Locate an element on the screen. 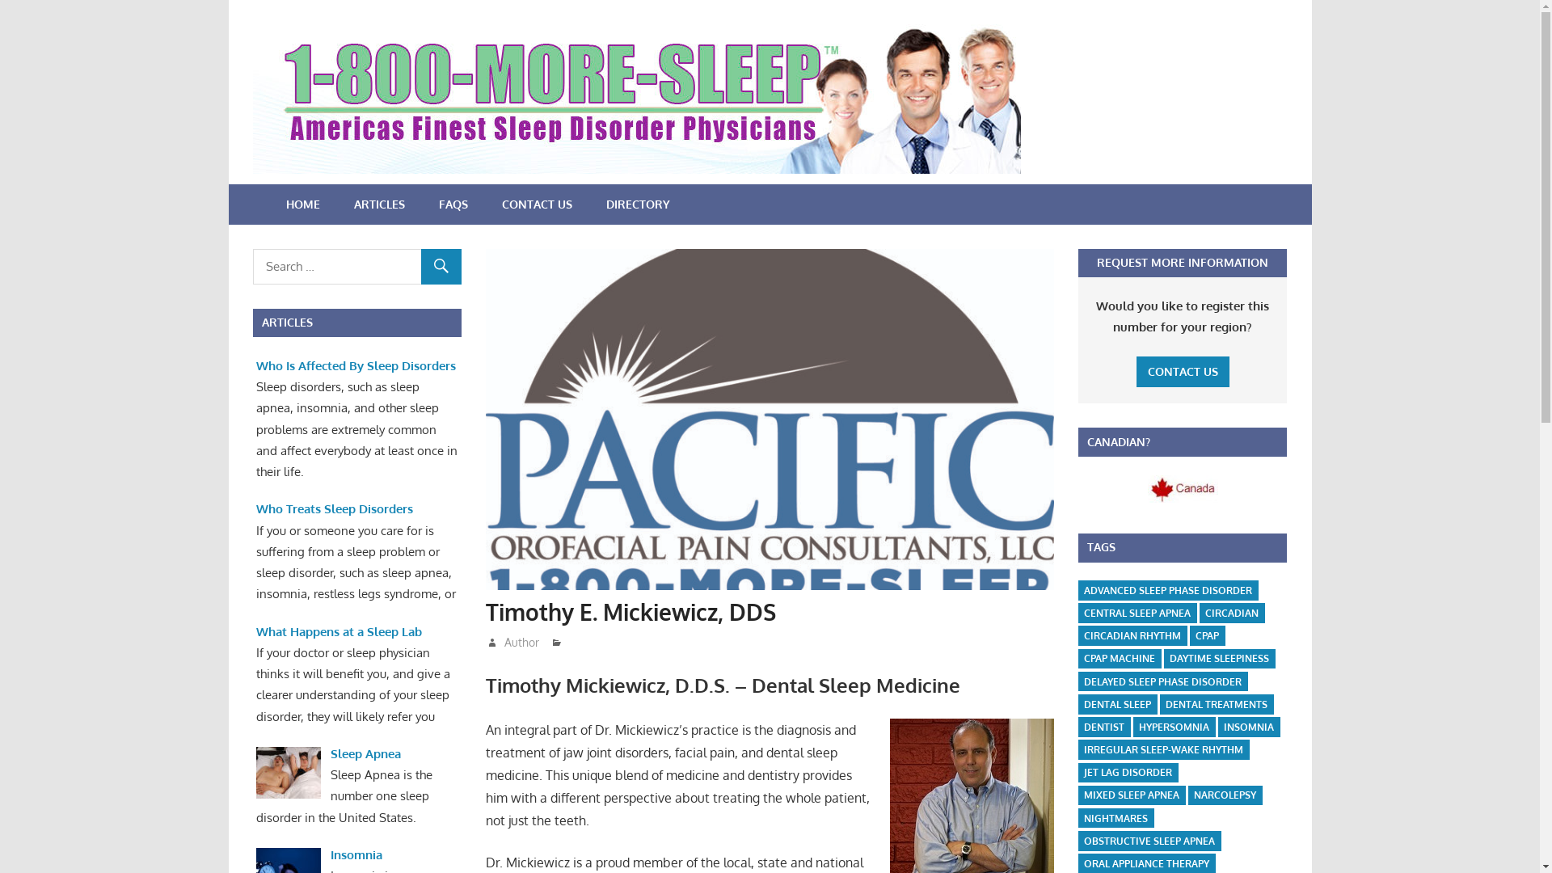  'CONTACT US' is located at coordinates (1183, 372).